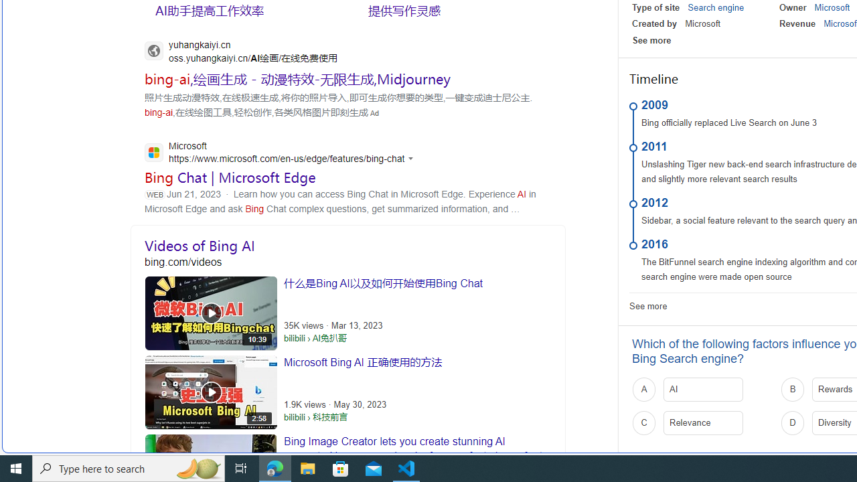 Image resolution: width=857 pixels, height=482 pixels. What do you see at coordinates (702, 390) in the screenshot?
I see `'A AI'` at bounding box center [702, 390].